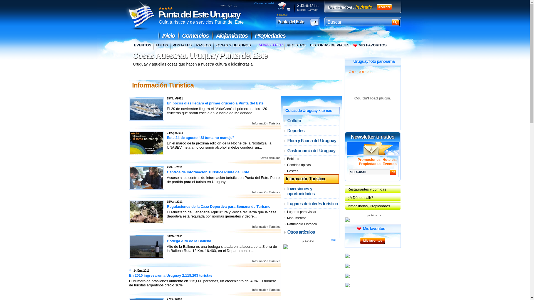 The image size is (534, 300). What do you see at coordinates (311, 191) in the screenshot?
I see `'Inversiones y oportunidades'` at bounding box center [311, 191].